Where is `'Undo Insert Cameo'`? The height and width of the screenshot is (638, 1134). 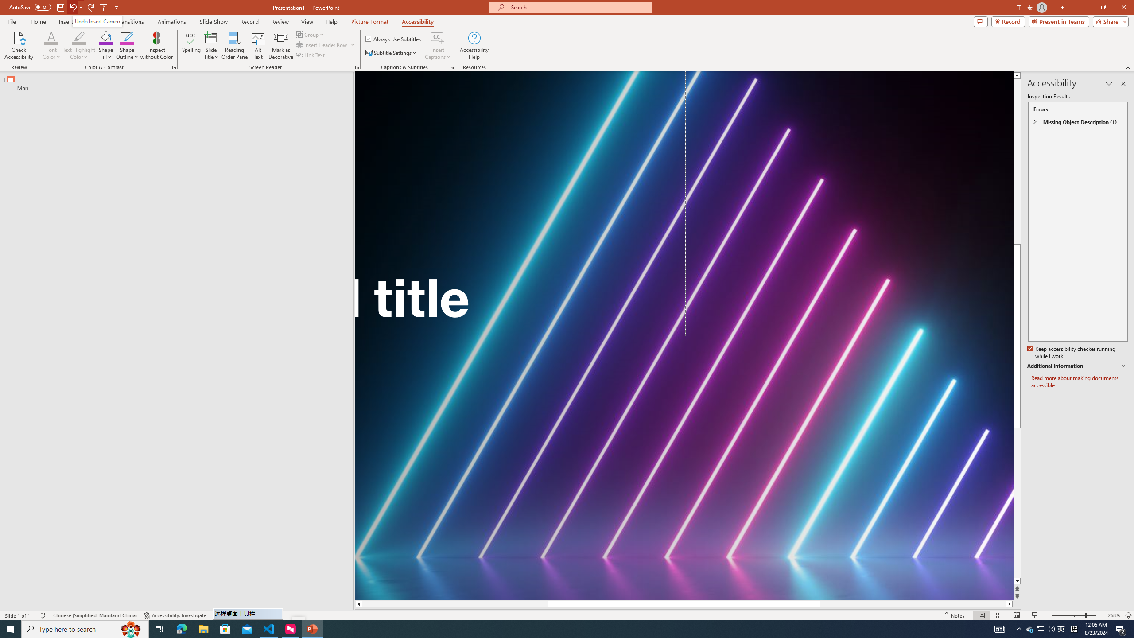
'Undo Insert Cameo' is located at coordinates (97, 21).